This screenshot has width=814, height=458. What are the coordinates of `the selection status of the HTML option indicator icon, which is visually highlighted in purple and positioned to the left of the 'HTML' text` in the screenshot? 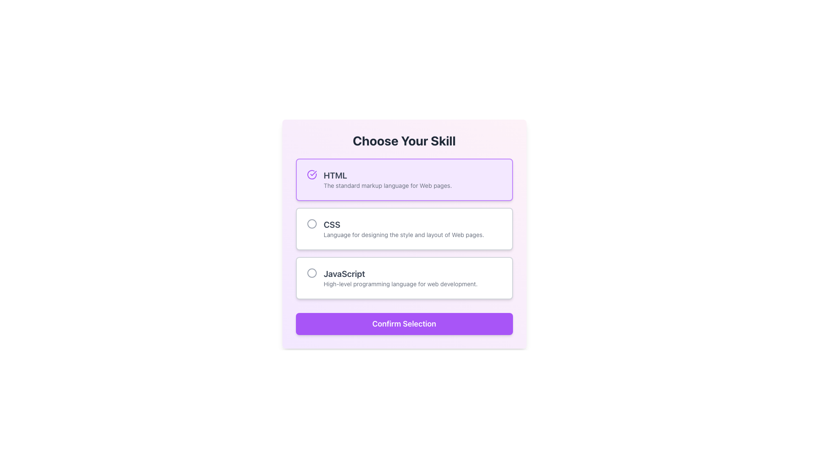 It's located at (311, 174).